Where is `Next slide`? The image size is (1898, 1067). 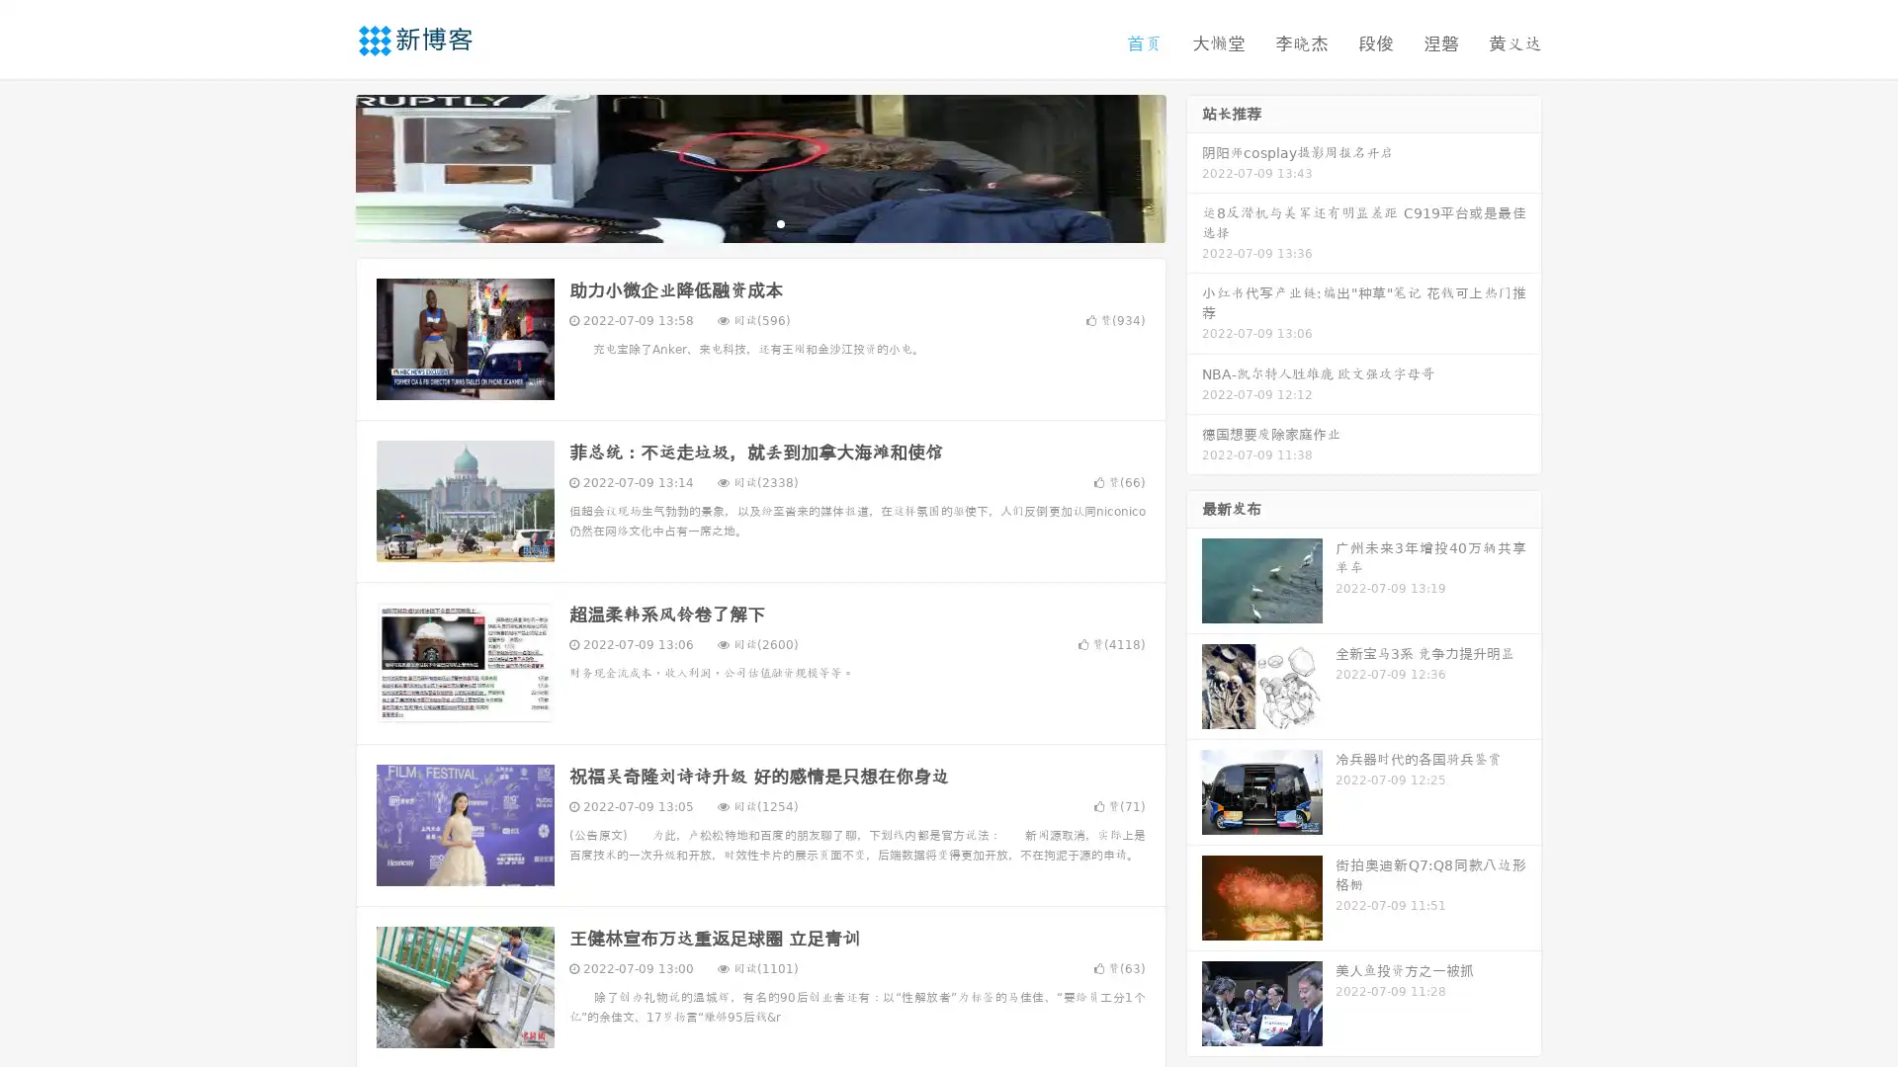 Next slide is located at coordinates (1194, 166).